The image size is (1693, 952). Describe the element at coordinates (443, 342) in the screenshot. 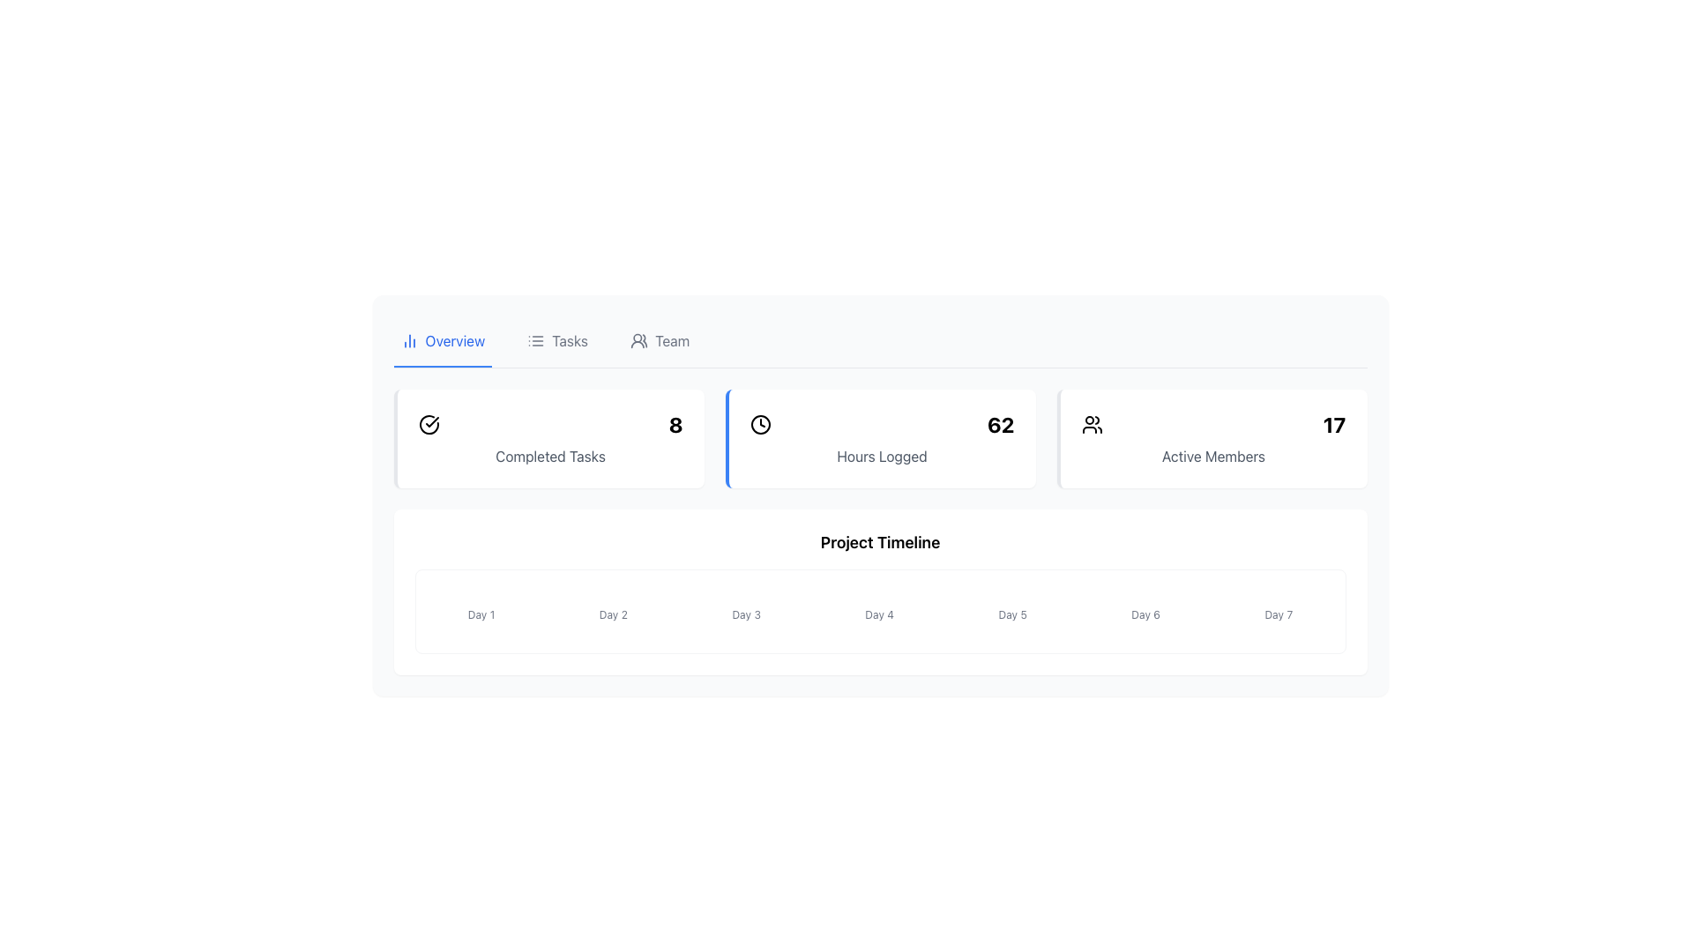

I see `the active 'Overview' tab in the navigation bar` at that location.